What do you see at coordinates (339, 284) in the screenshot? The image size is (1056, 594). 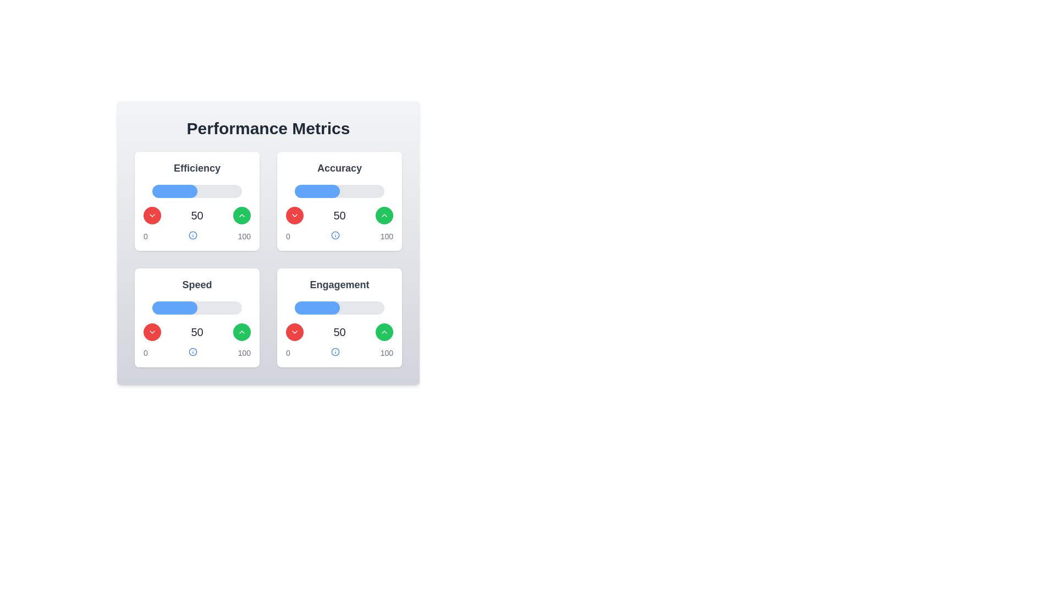 I see `the Text Label that serves as a title for the fourth performance card, located below the 'Performance Metrics' heading and below the third card in the grid layout` at bounding box center [339, 284].